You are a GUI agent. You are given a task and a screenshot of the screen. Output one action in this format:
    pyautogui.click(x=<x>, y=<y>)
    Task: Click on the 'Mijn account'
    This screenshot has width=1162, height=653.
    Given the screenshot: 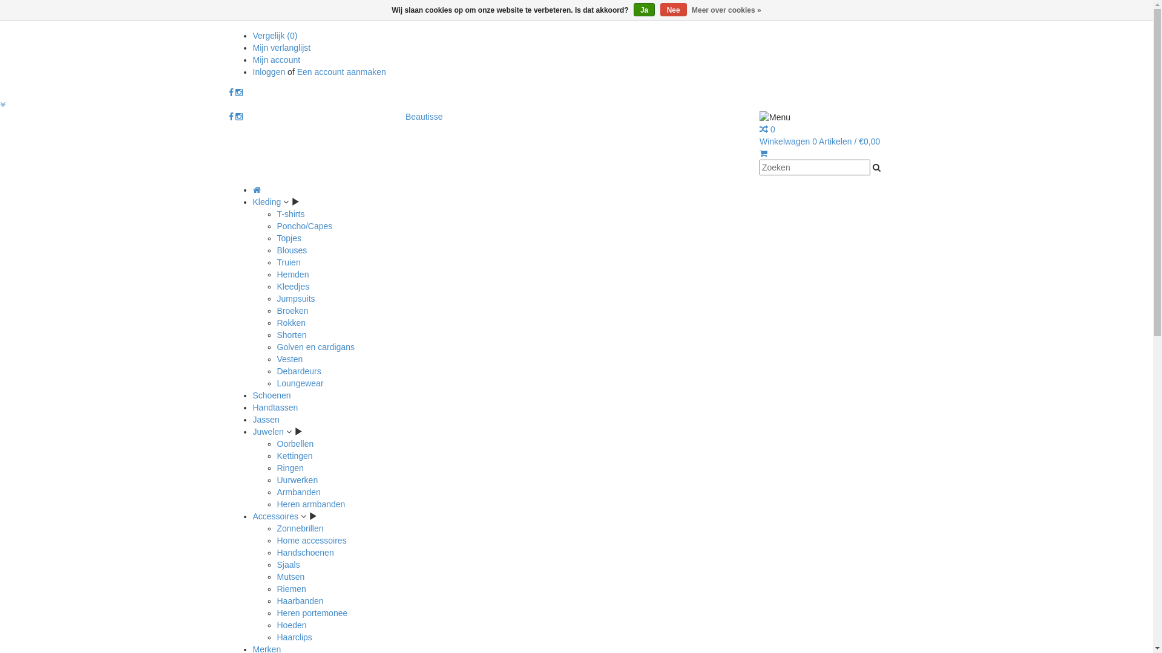 What is the action you would take?
    pyautogui.click(x=252, y=60)
    